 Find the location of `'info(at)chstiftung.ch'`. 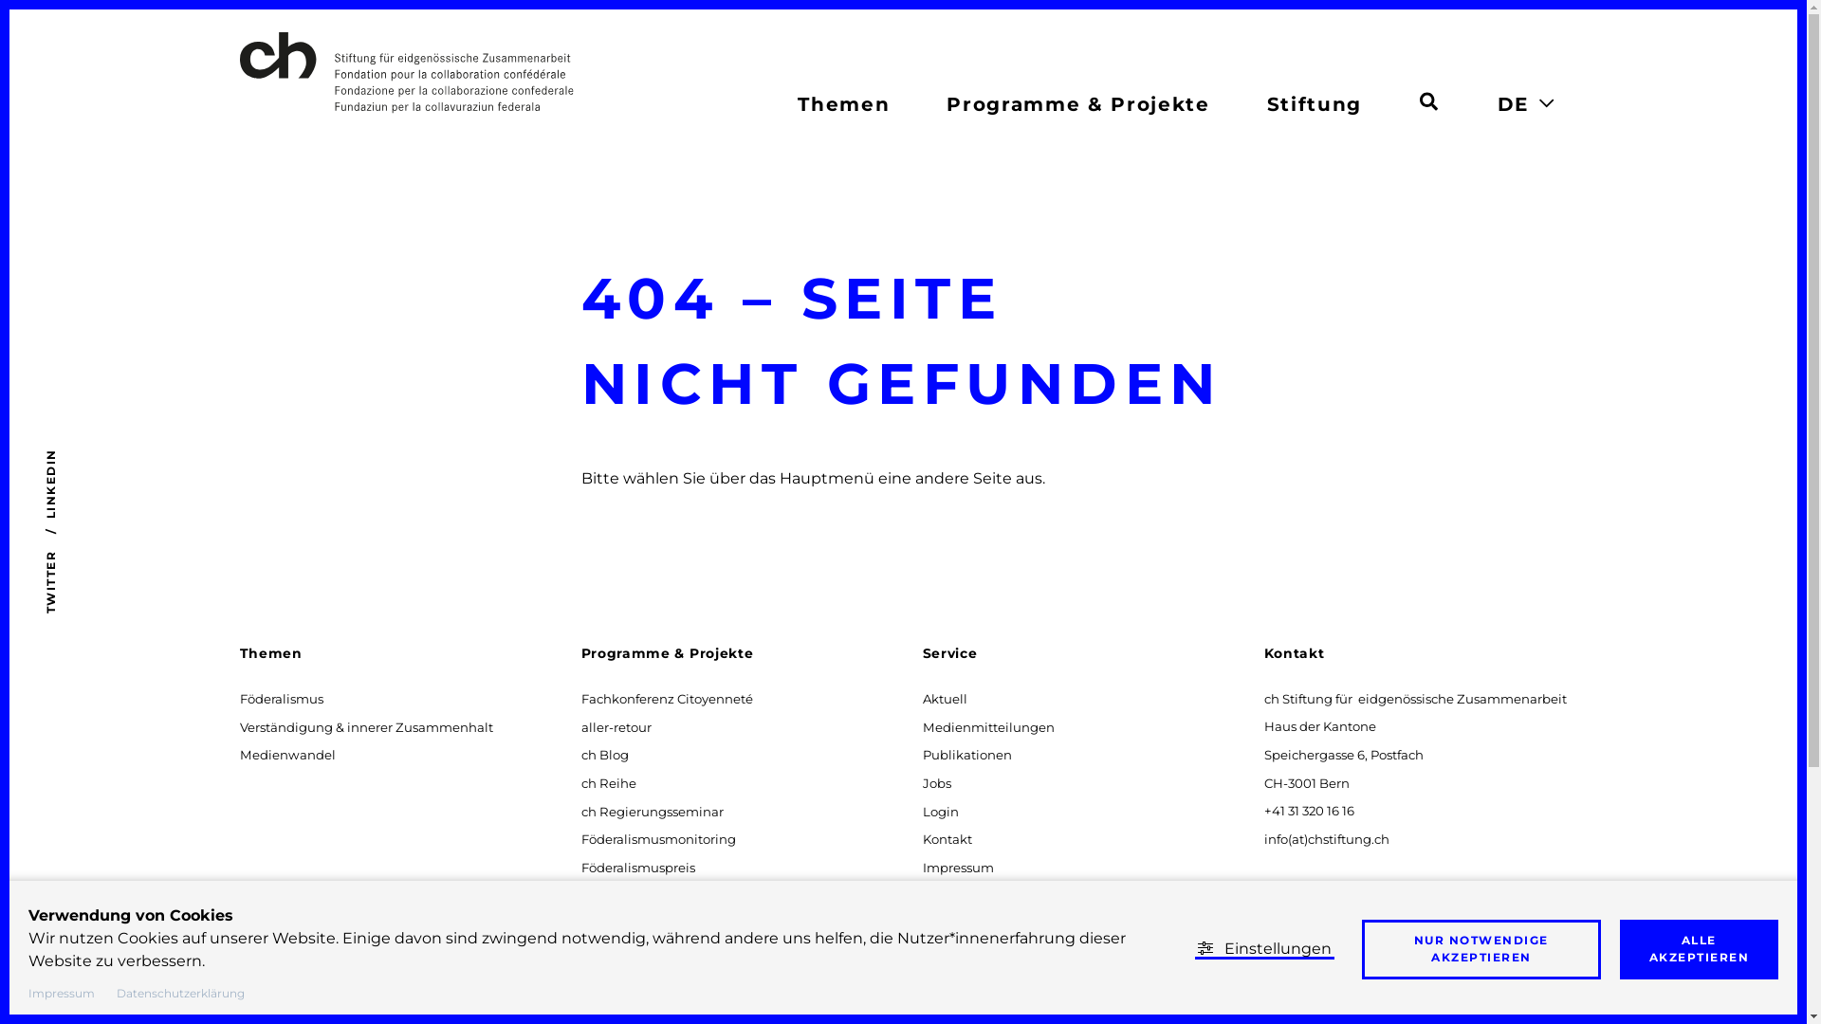

'info(at)chstiftung.ch' is located at coordinates (1260, 837).